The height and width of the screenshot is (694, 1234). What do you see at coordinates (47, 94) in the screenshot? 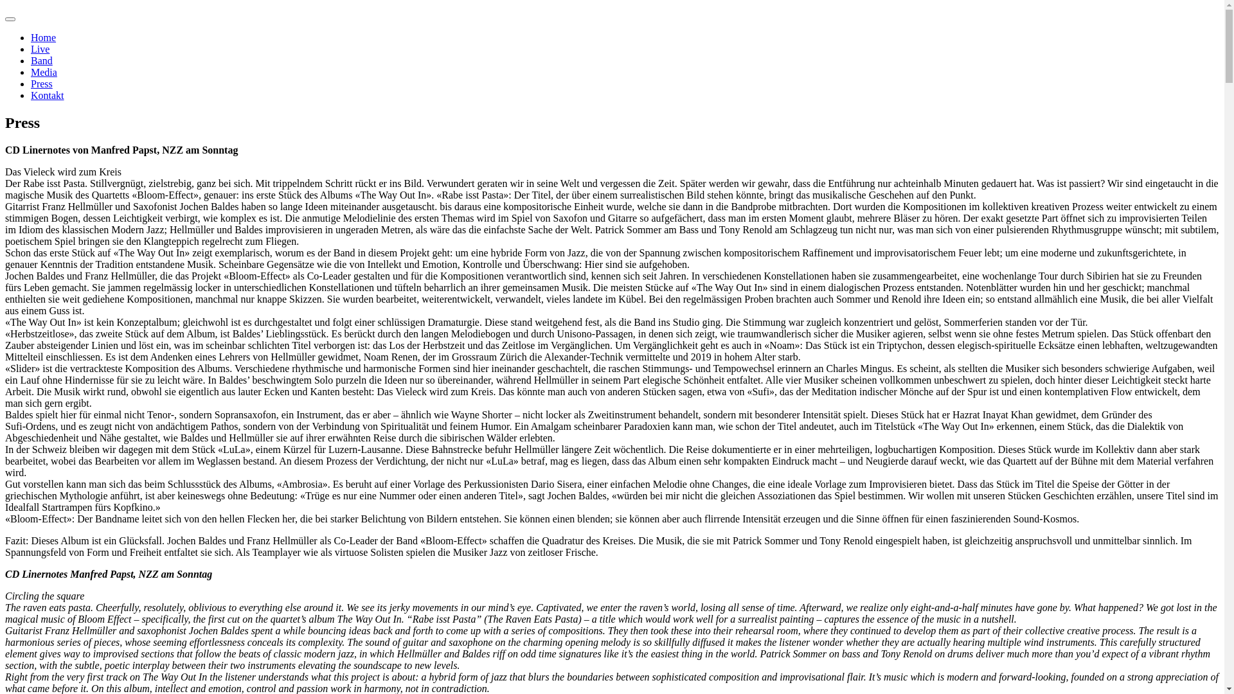
I see `'Kontakt'` at bounding box center [47, 94].